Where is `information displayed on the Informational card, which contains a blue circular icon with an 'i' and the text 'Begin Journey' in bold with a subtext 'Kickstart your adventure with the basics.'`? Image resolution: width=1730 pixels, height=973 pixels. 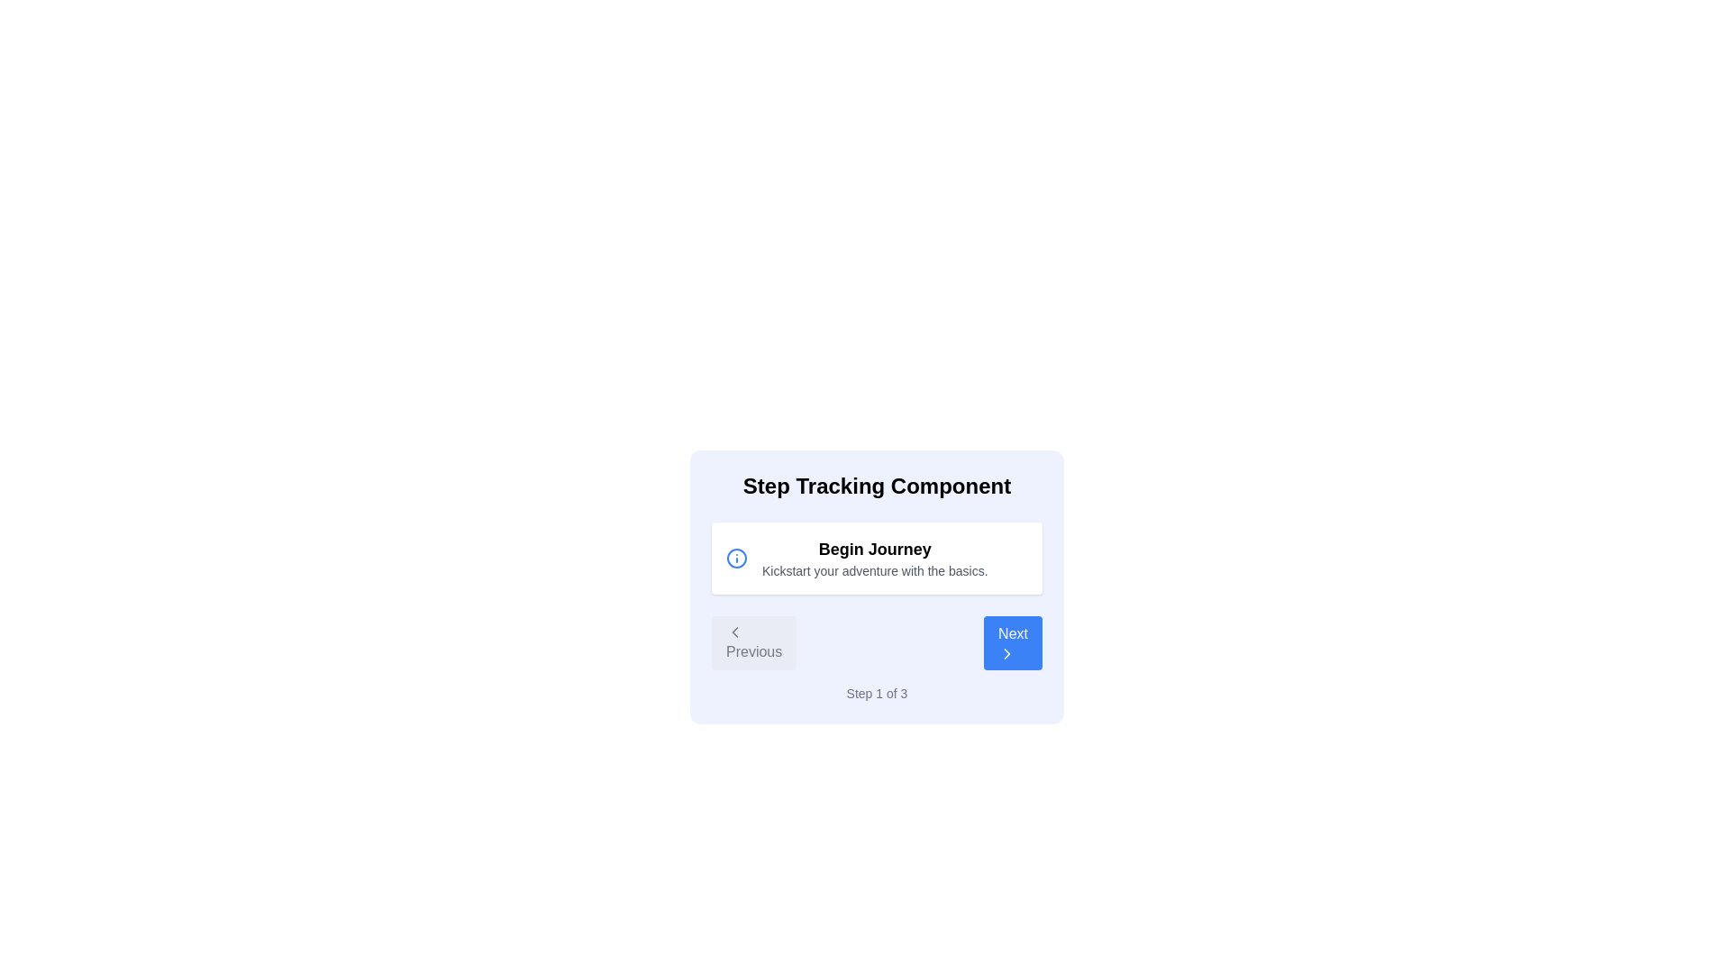 information displayed on the Informational card, which contains a blue circular icon with an 'i' and the text 'Begin Journey' in bold with a subtext 'Kickstart your adventure with the basics.' is located at coordinates (877, 558).